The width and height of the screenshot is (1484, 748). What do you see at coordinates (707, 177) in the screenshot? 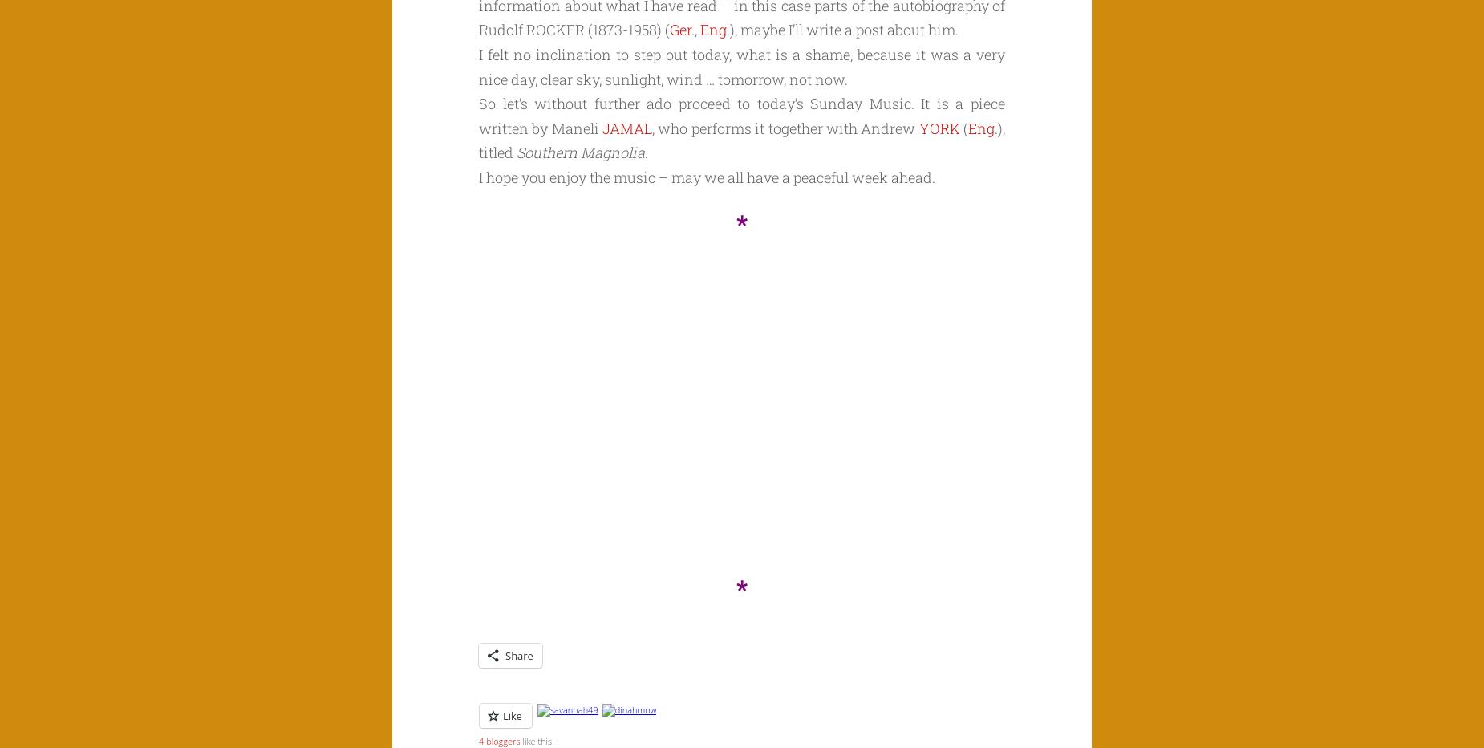
I see `'I hope you enjoy the music – may we all have a peaceful week ahead.'` at bounding box center [707, 177].